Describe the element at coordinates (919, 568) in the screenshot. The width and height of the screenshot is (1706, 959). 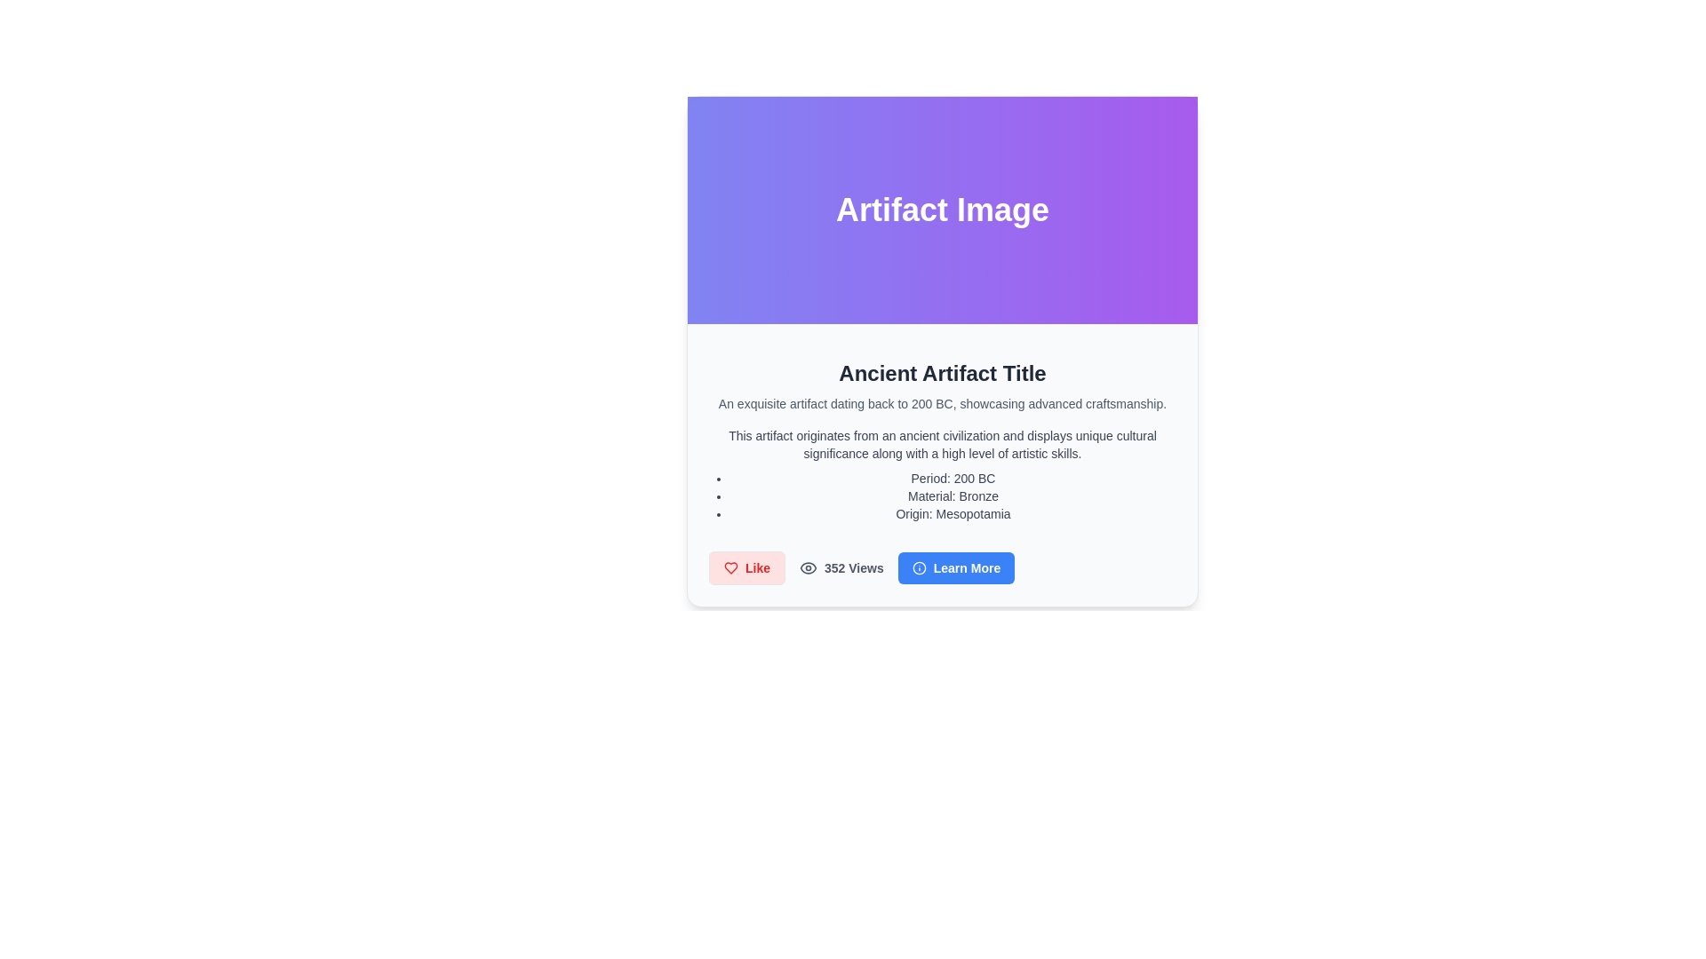
I see `the information icon to the left of the 'Learn More' button, which is characterized by its circular outline and vertical line with a dot` at that location.